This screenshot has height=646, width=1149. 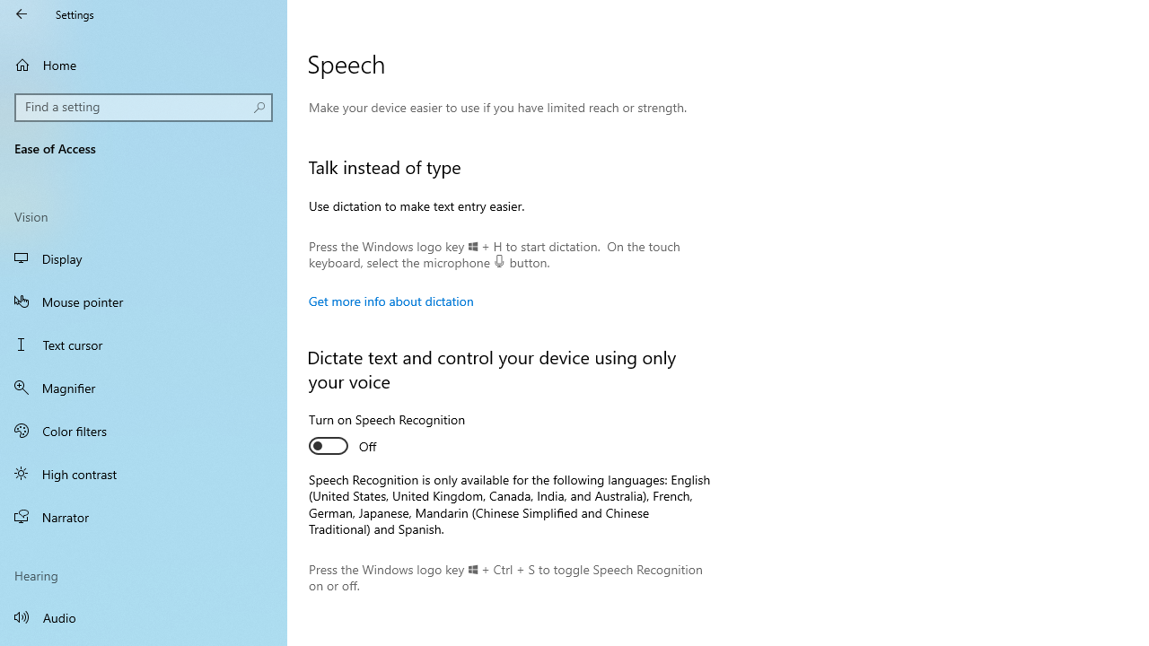 I want to click on 'Text cursor', so click(x=144, y=345).